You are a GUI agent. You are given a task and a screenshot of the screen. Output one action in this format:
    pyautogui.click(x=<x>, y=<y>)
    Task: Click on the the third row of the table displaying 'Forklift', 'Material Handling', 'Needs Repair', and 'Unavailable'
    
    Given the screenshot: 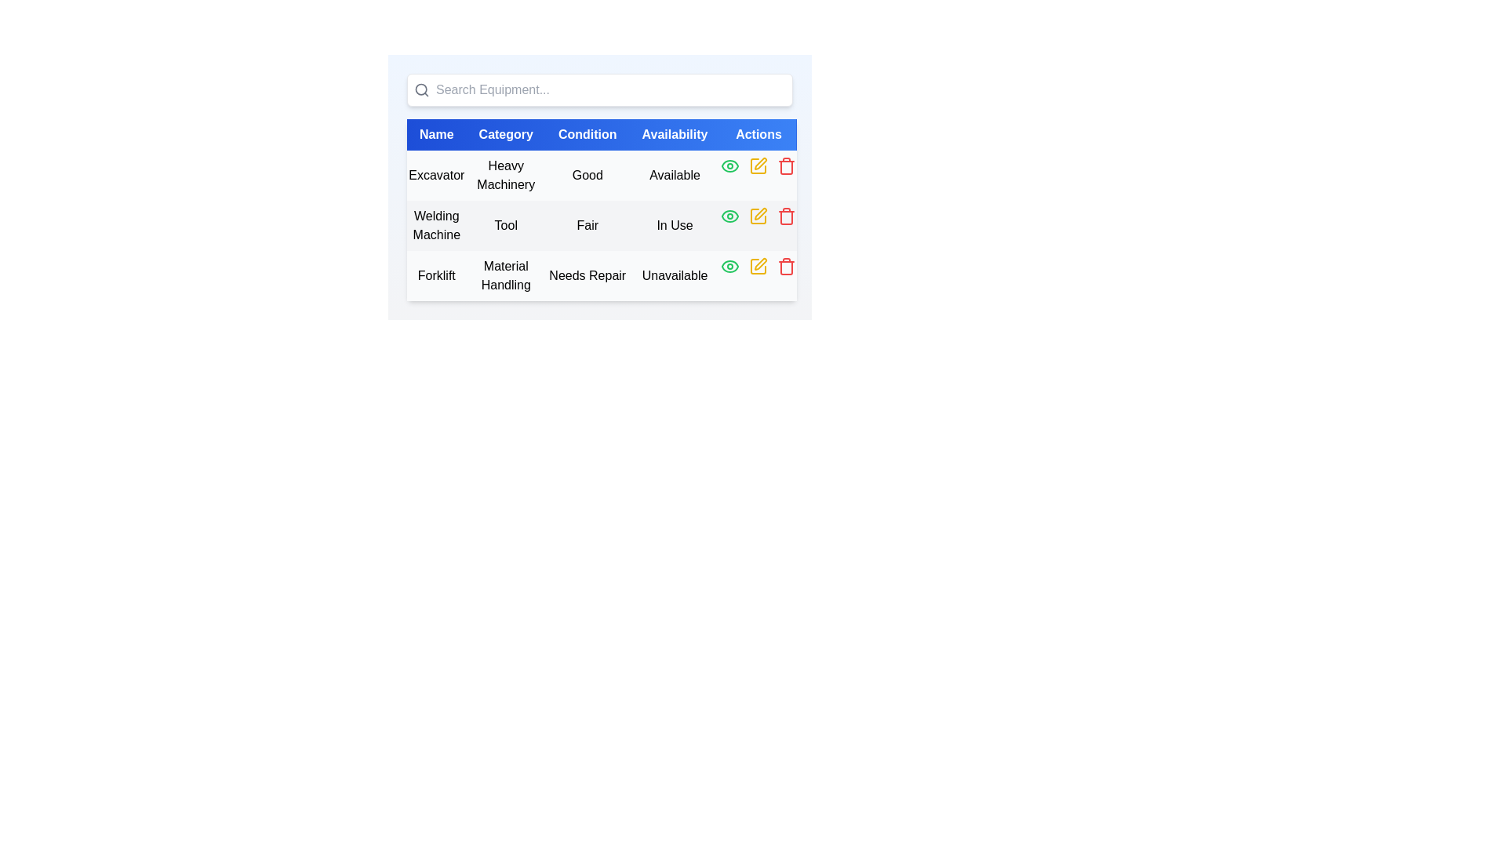 What is the action you would take?
    pyautogui.click(x=601, y=274)
    